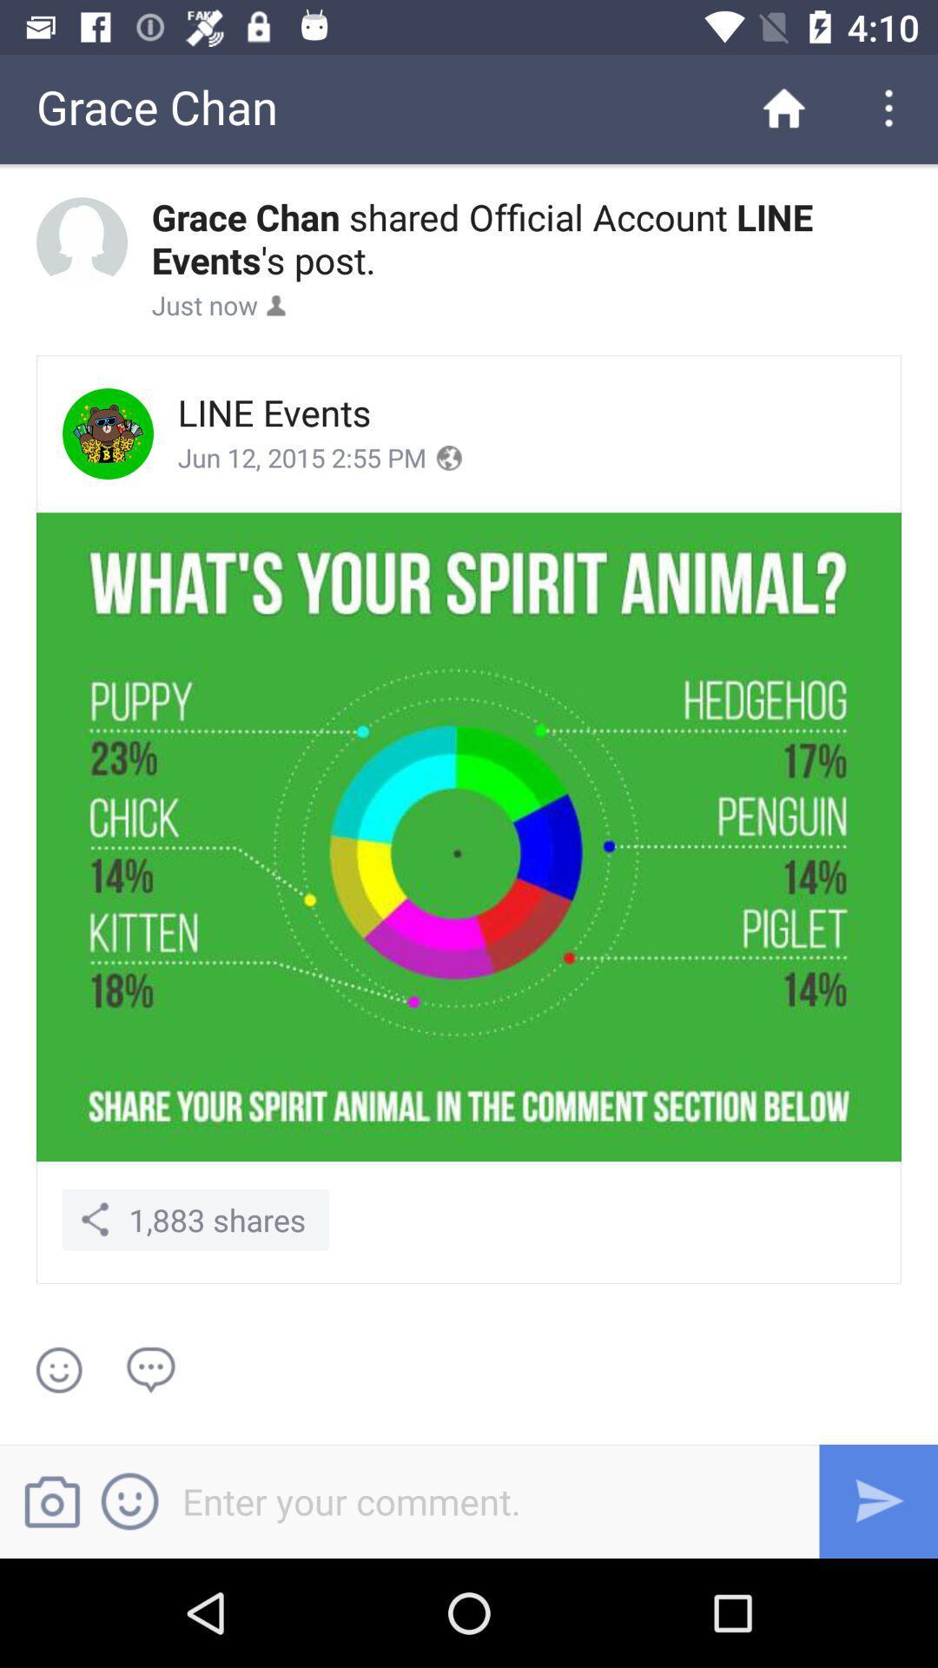 Image resolution: width=938 pixels, height=1668 pixels. Describe the element at coordinates (60, 1500) in the screenshot. I see `the photo icon` at that location.